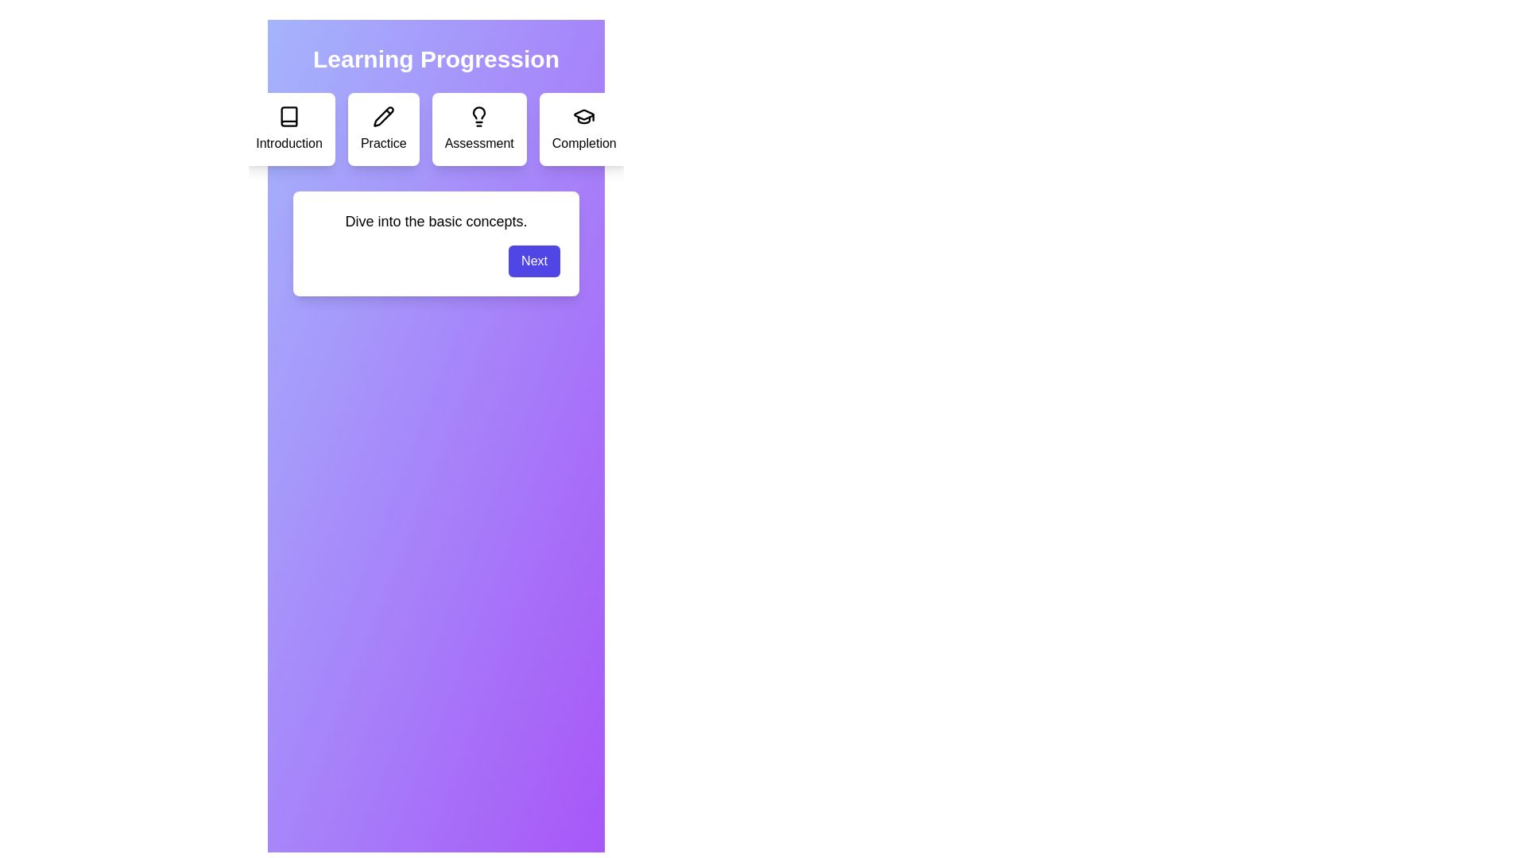  I want to click on the 'Next' button to navigate to the next step in the learning progression, so click(534, 260).